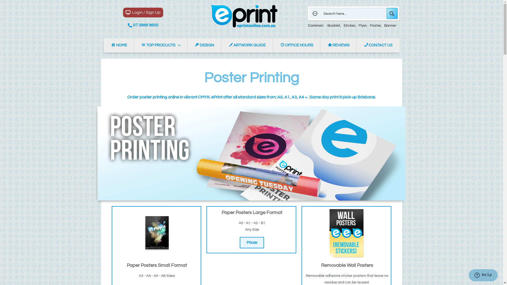 Image resolution: width=507 pixels, height=285 pixels. Describe the element at coordinates (160, 45) in the screenshot. I see `'TOP PRODUCTS'` at that location.